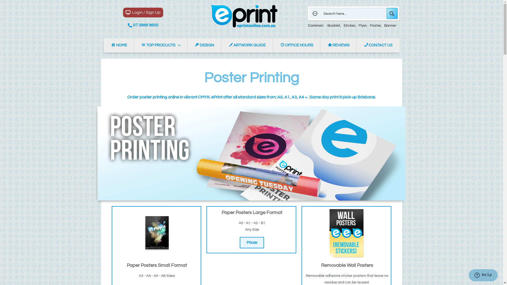 Image resolution: width=507 pixels, height=285 pixels. Describe the element at coordinates (160, 45) in the screenshot. I see `'TOP PRODUCTS'` at that location.